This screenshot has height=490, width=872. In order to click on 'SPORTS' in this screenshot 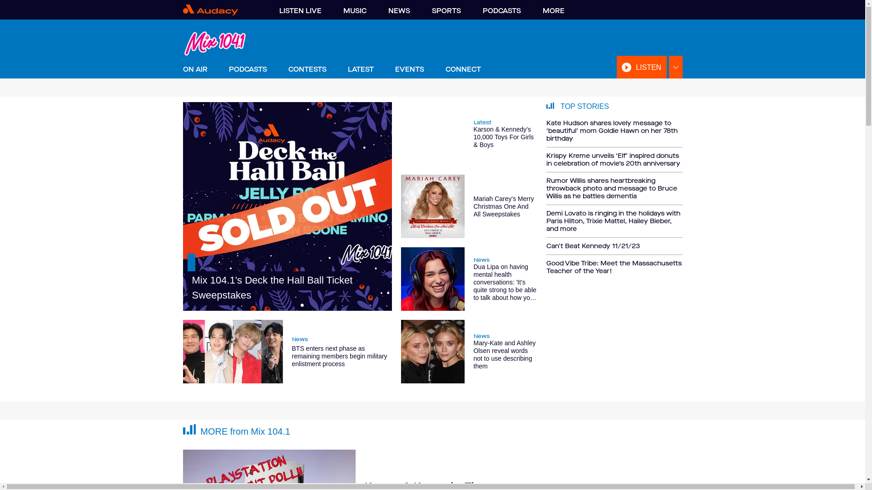, I will do `click(446, 10)`.